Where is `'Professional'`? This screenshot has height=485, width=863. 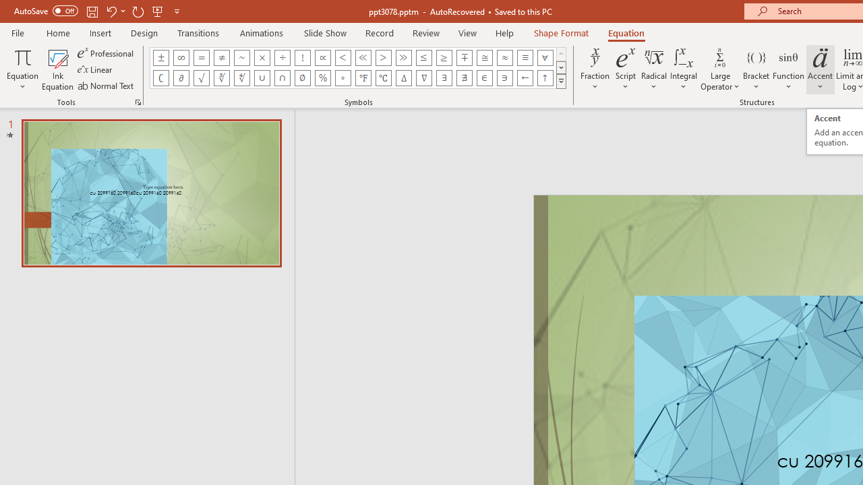 'Professional' is located at coordinates (106, 53).